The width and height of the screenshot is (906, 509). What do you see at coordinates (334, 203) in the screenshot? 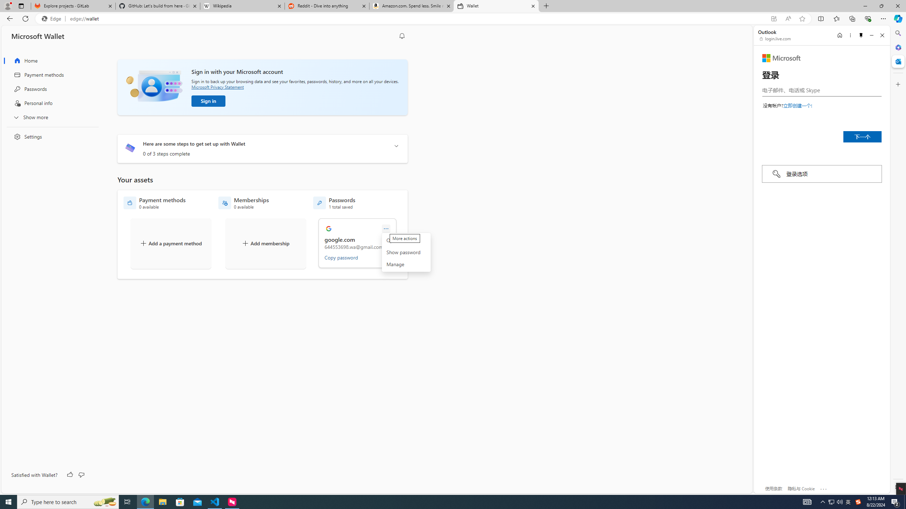
I see `'Passwords - 1 total saved'` at bounding box center [334, 203].